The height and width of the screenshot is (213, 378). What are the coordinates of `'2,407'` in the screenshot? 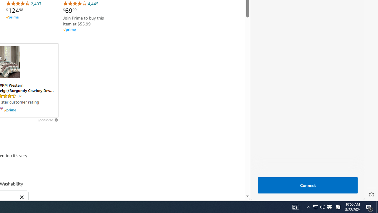 It's located at (24, 4).